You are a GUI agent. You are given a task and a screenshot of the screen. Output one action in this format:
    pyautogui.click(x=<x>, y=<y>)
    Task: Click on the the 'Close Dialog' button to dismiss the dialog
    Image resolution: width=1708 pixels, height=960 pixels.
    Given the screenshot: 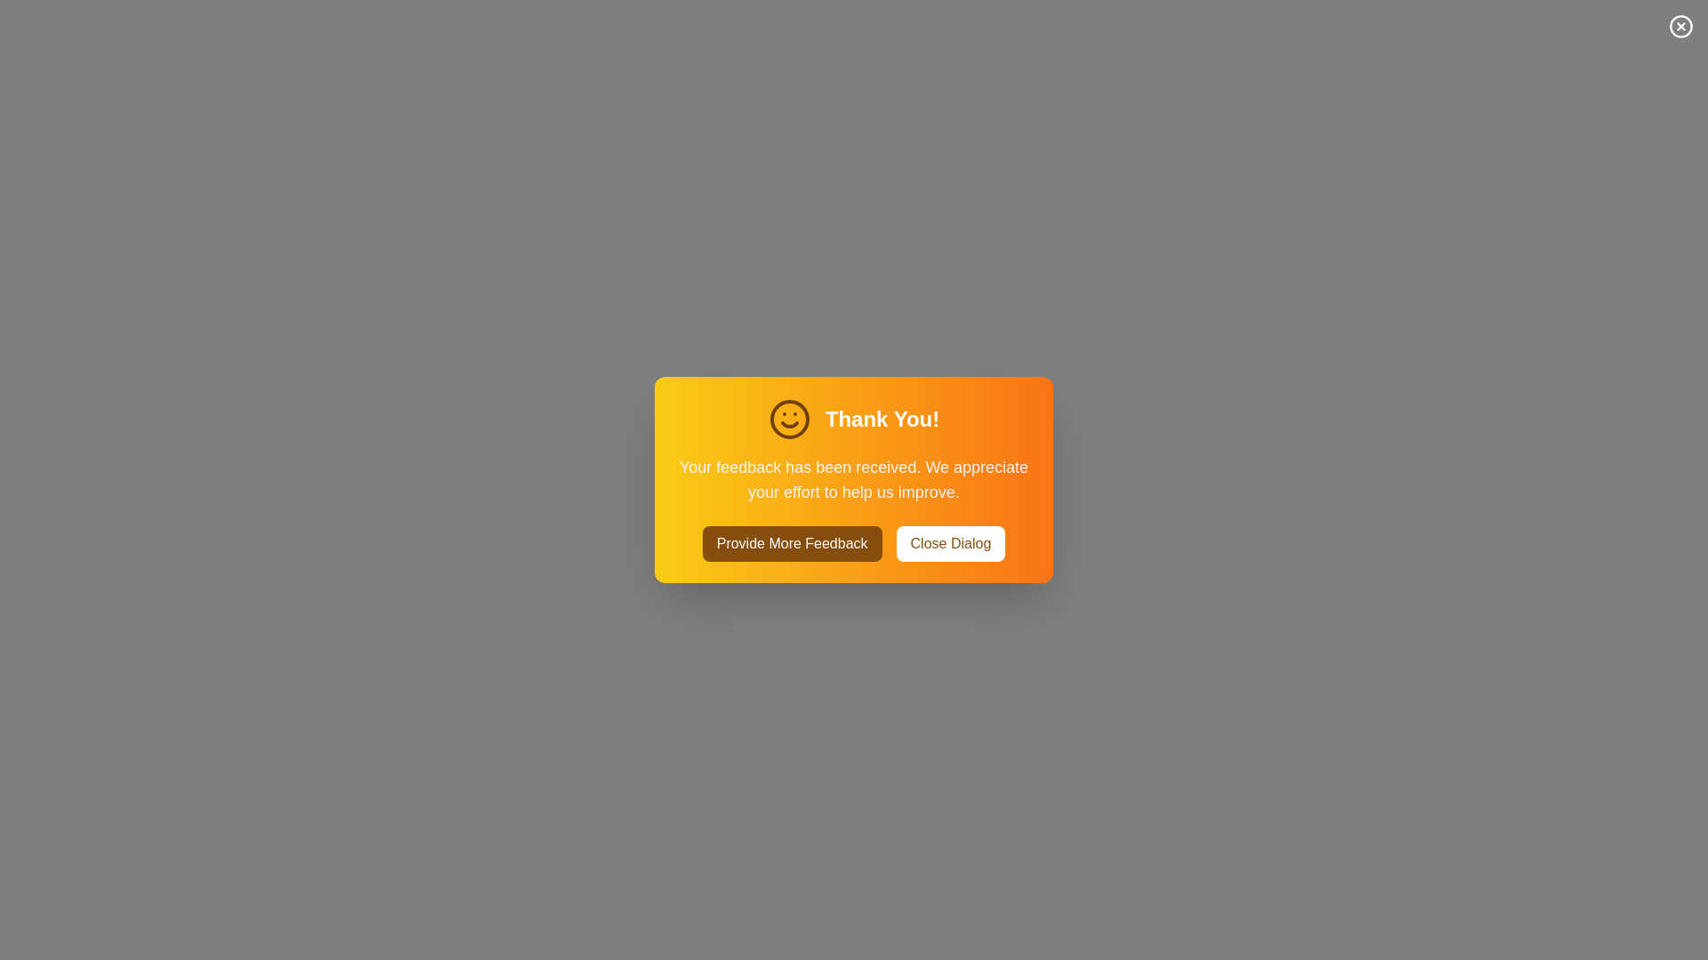 What is the action you would take?
    pyautogui.click(x=949, y=543)
    